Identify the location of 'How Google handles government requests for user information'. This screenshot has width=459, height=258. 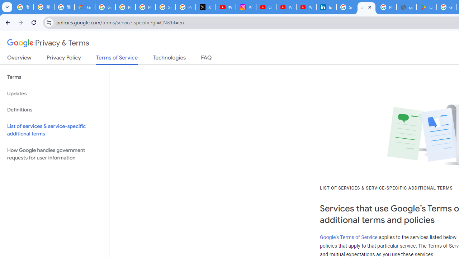
(54, 153).